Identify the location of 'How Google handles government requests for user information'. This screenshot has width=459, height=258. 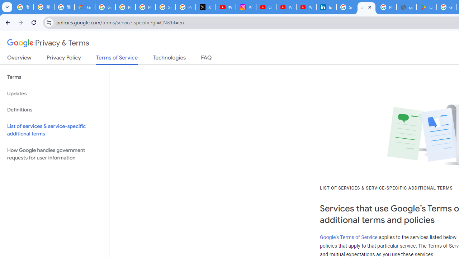
(54, 153).